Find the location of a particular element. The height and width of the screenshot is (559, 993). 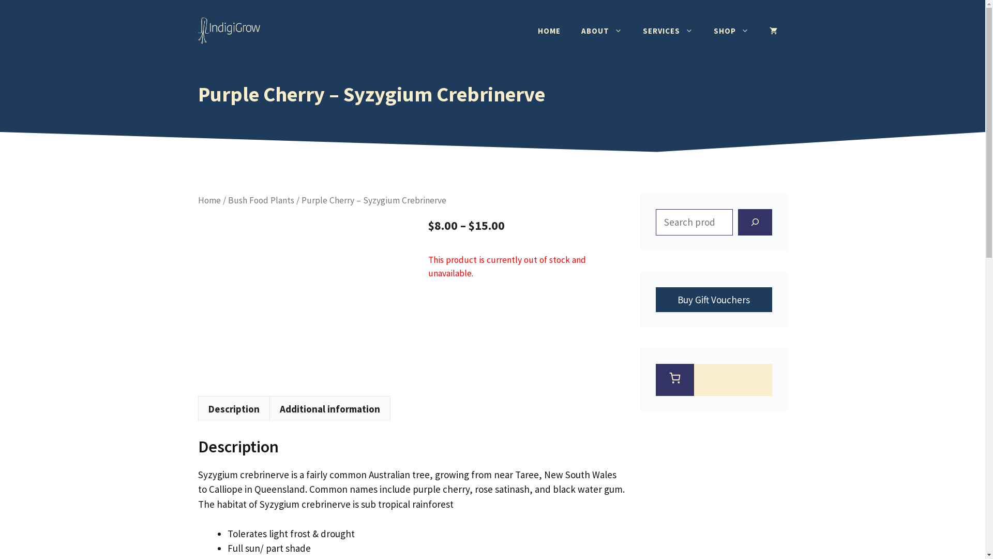

'Bush Food Plants' is located at coordinates (261, 200).